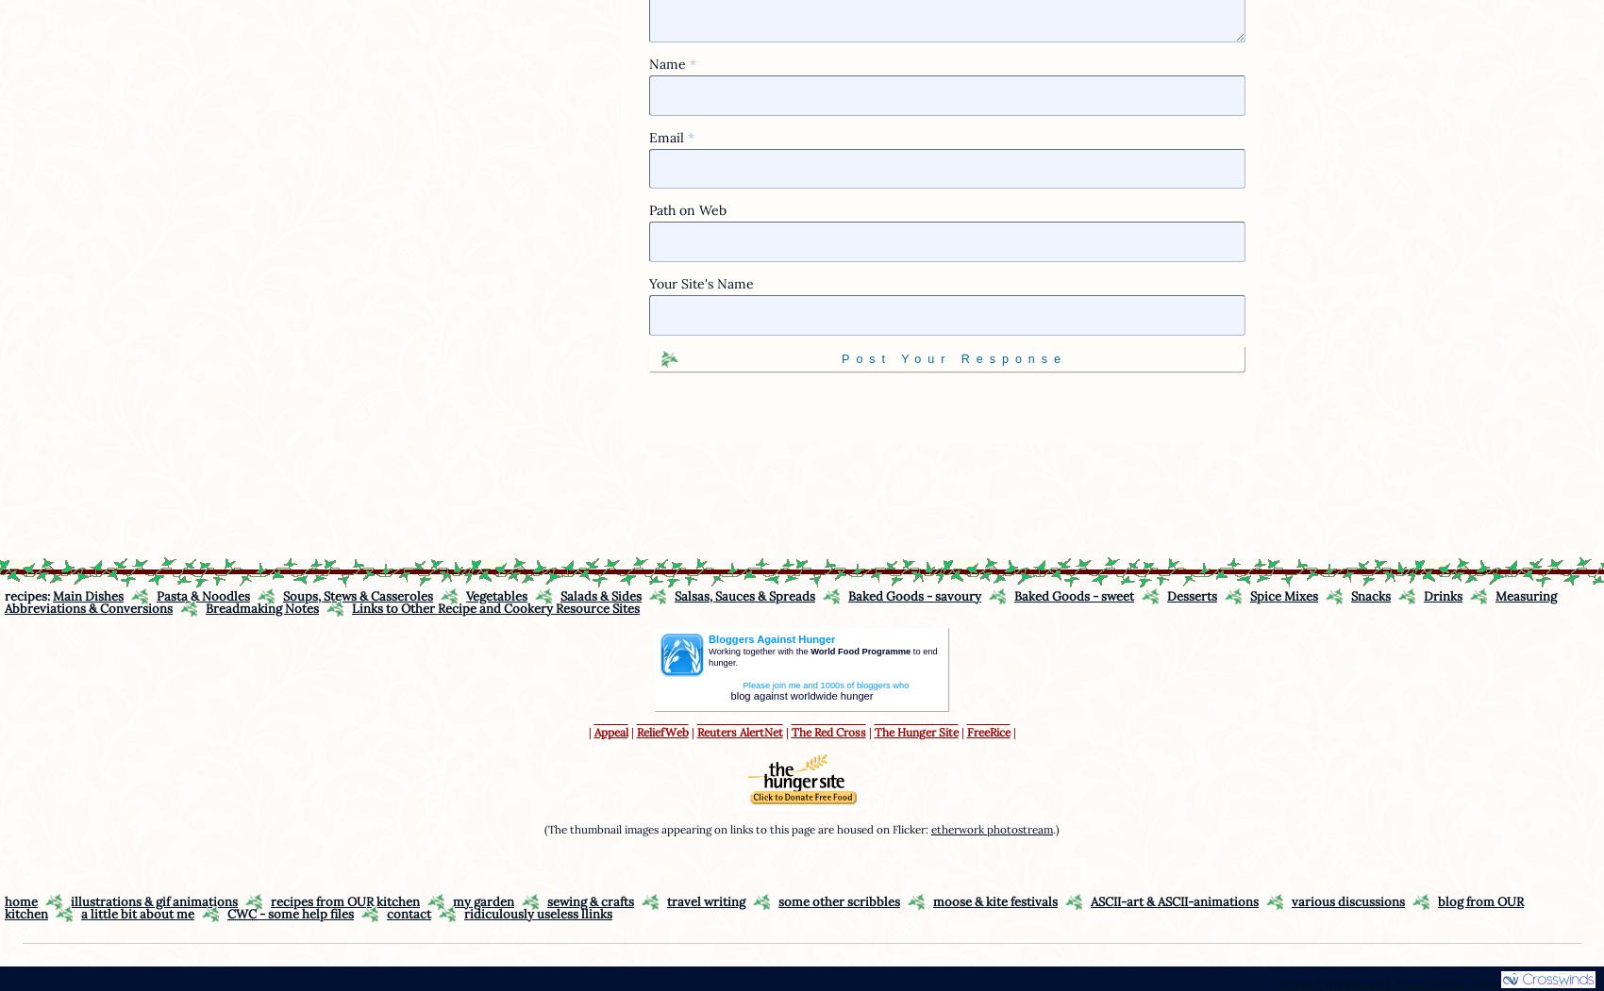 This screenshot has width=1604, height=991. I want to click on 'blog against worldwide hunger', so click(729, 694).